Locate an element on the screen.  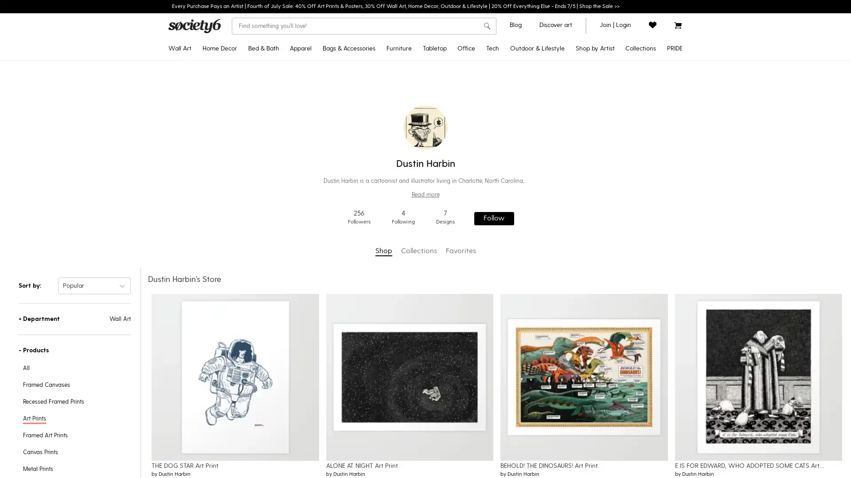
Shop by Artist is located at coordinates (571, 199).